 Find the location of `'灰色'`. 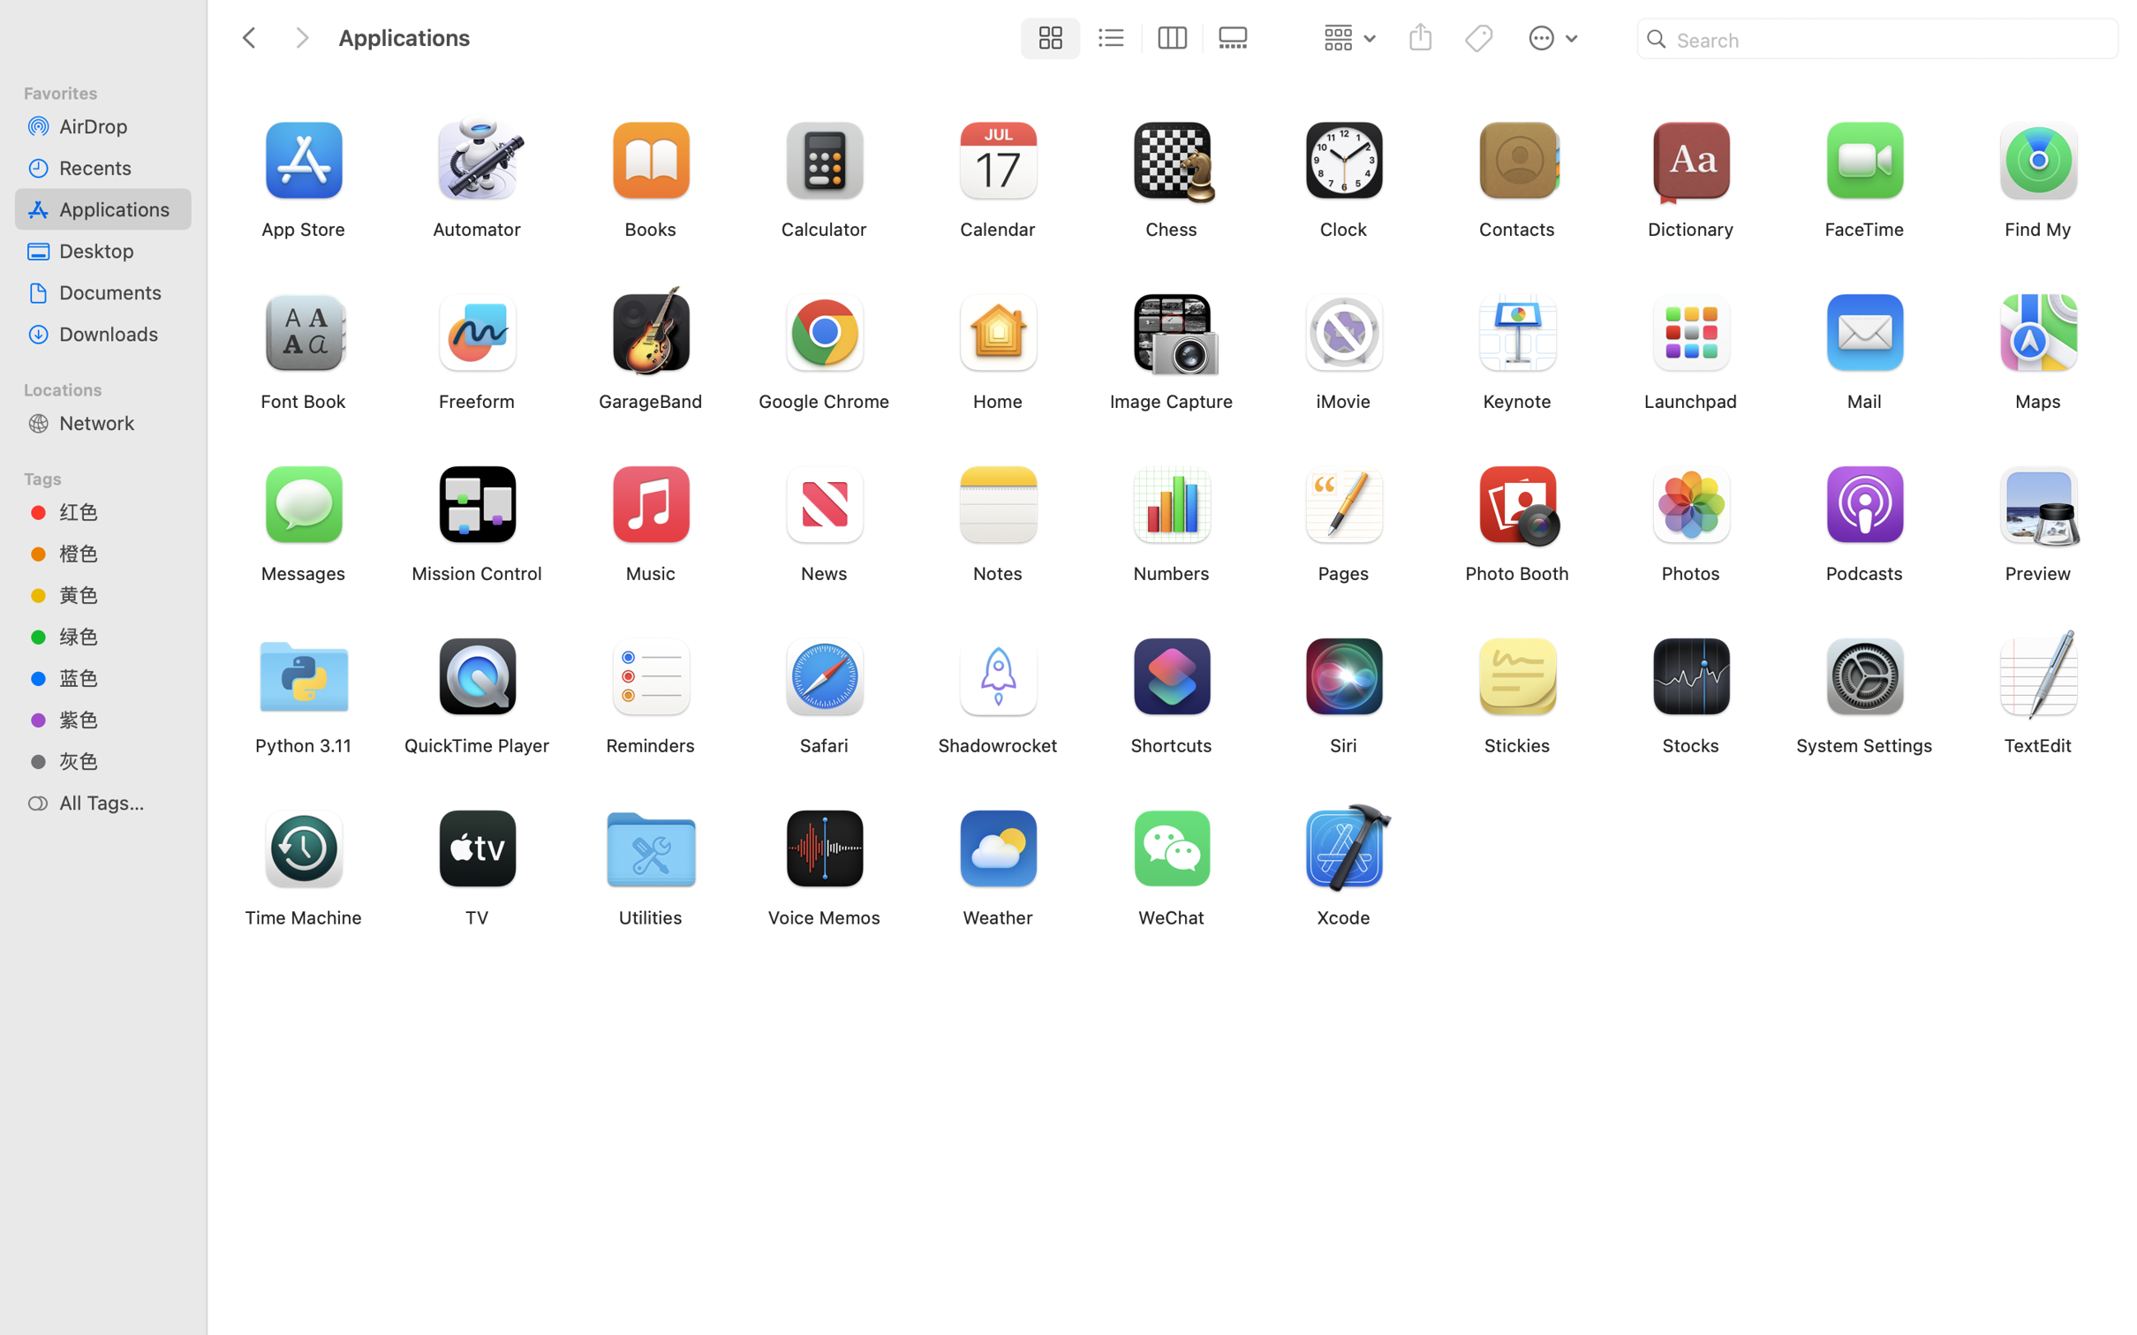

'灰色' is located at coordinates (118, 760).